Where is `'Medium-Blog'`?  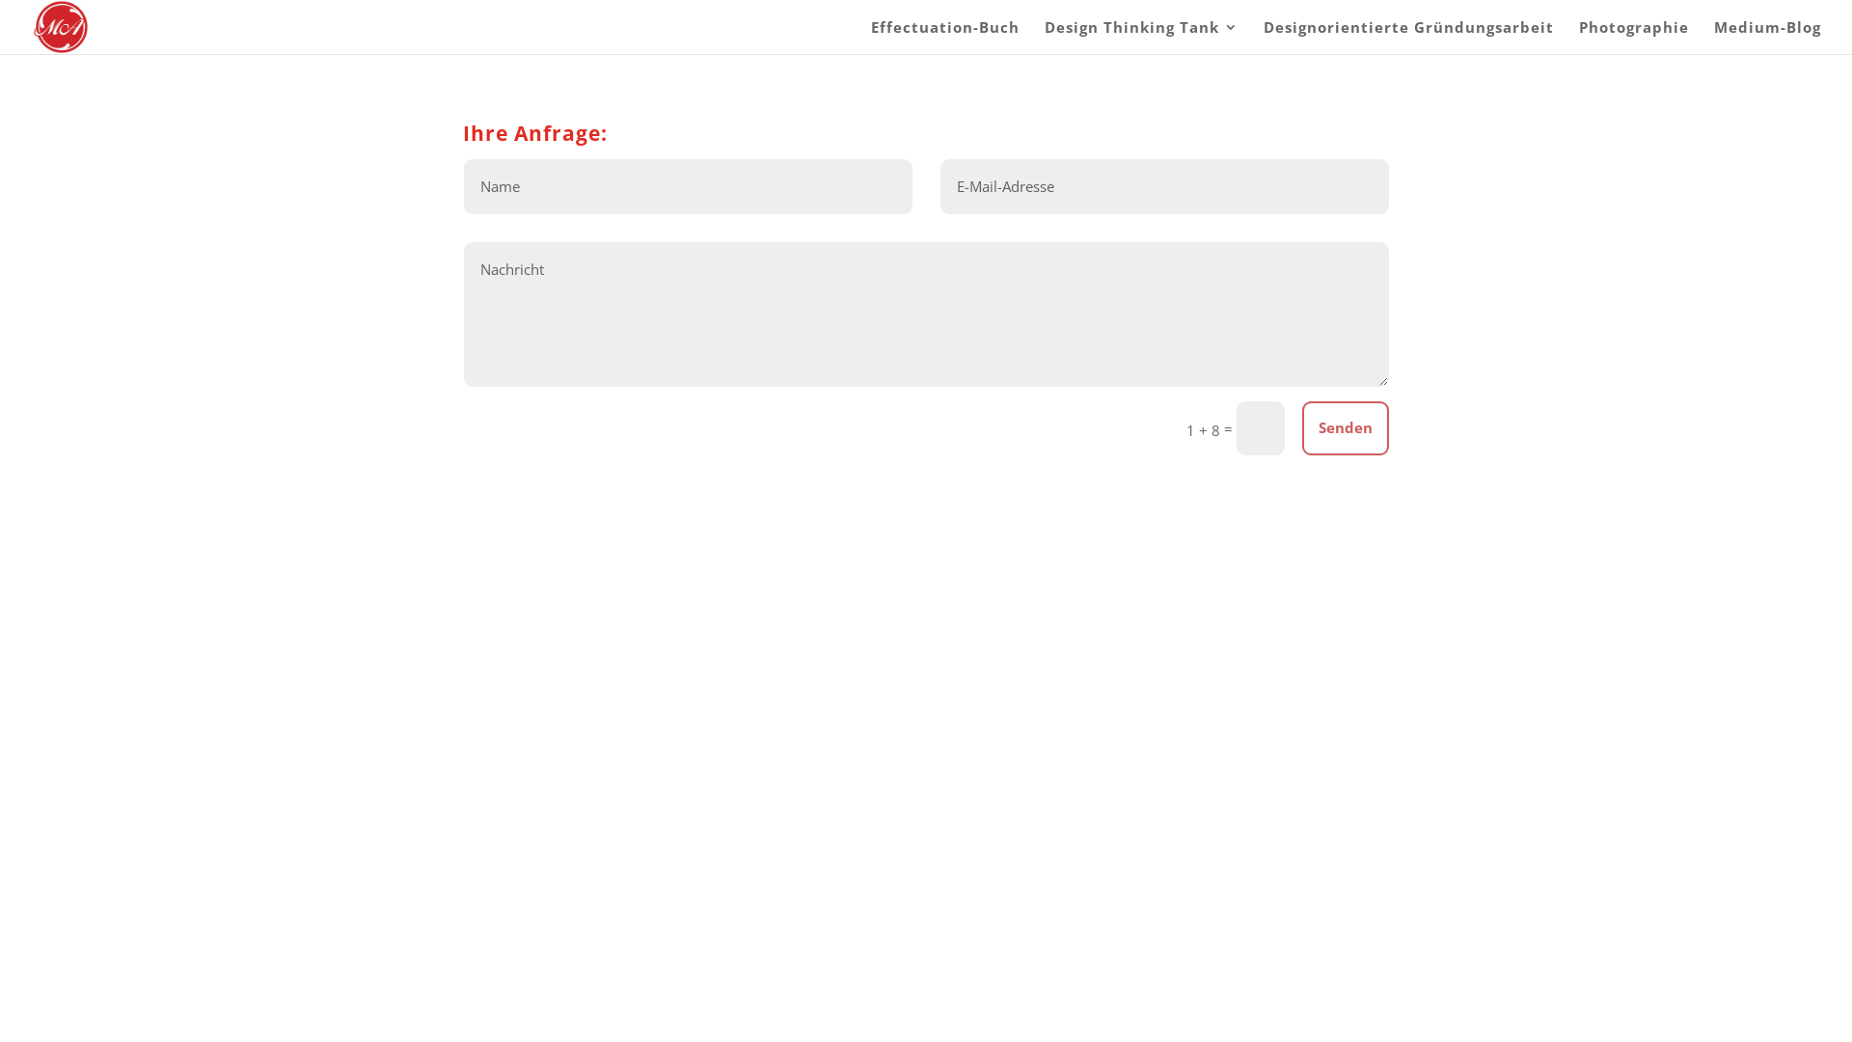
'Medium-Blog' is located at coordinates (1767, 37).